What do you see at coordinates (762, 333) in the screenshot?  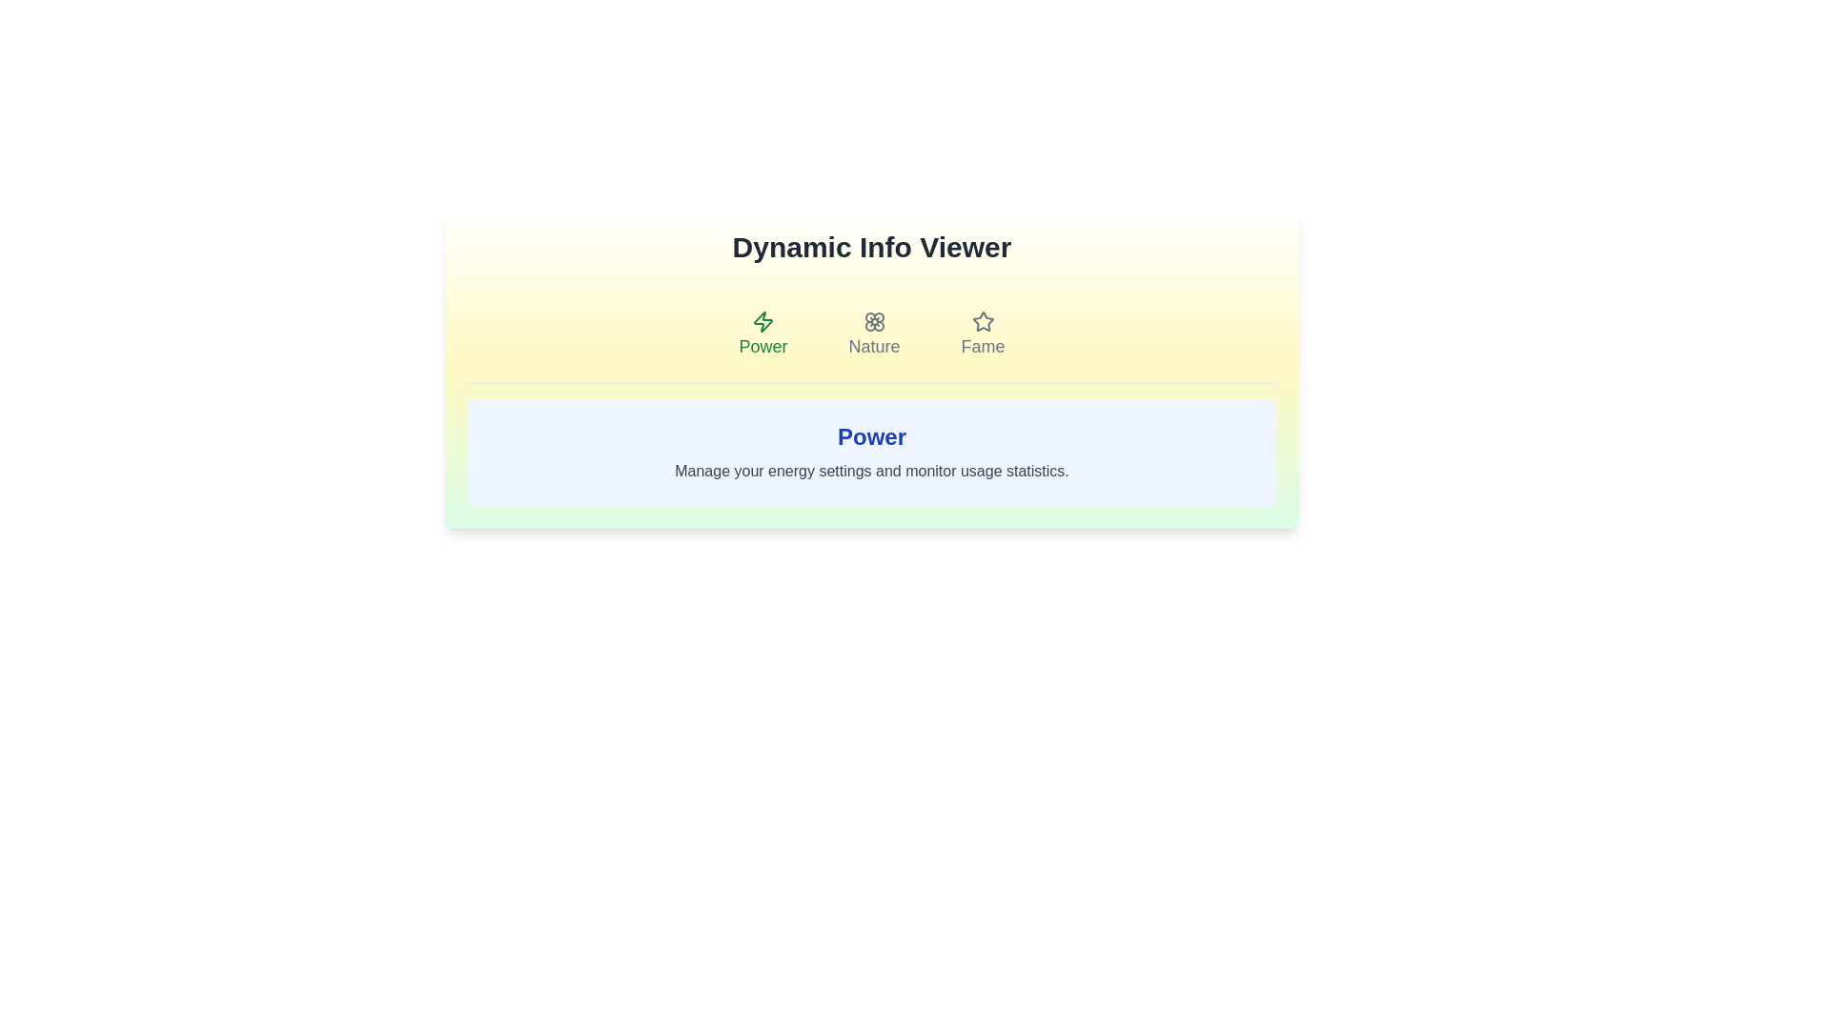 I see `the Power tab to see visual feedback` at bounding box center [762, 333].